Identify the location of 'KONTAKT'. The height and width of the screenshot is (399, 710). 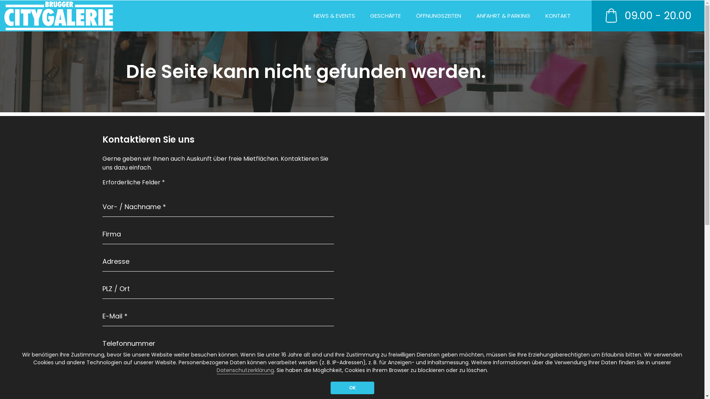
(557, 16).